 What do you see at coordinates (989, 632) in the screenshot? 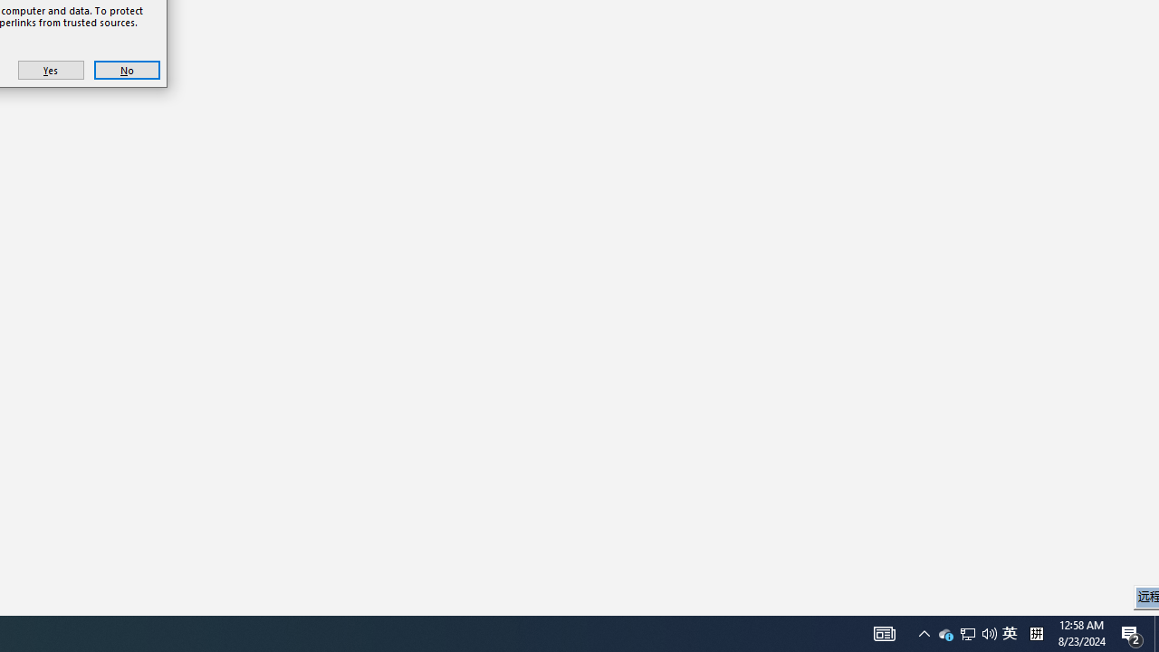
I see `'Tray Input Indicator - Chinese (Simplified, China)'` at bounding box center [989, 632].